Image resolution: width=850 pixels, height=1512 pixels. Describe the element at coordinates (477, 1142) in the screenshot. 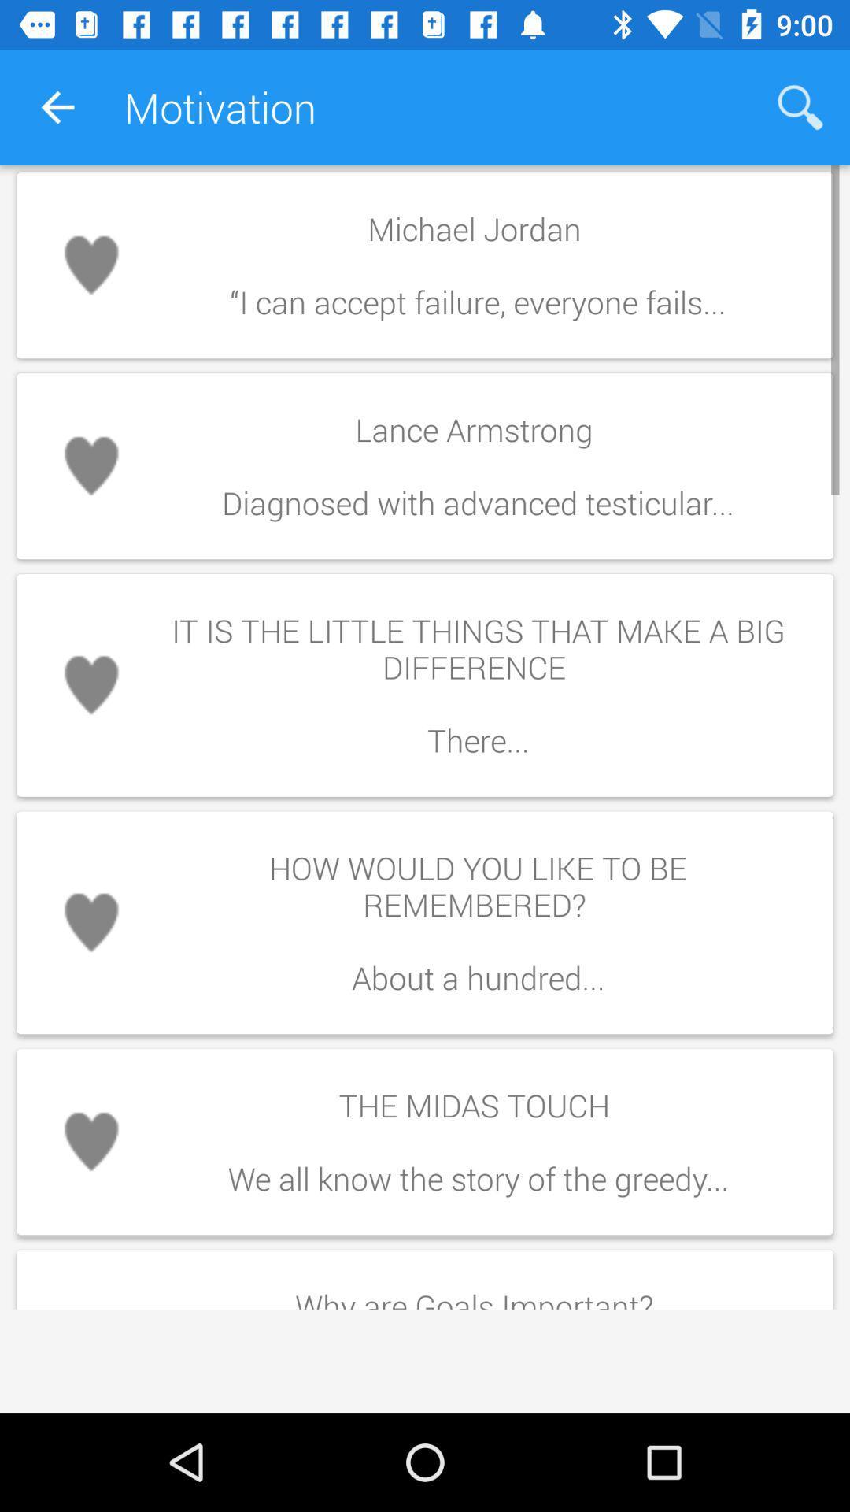

I see `the midas touch item` at that location.